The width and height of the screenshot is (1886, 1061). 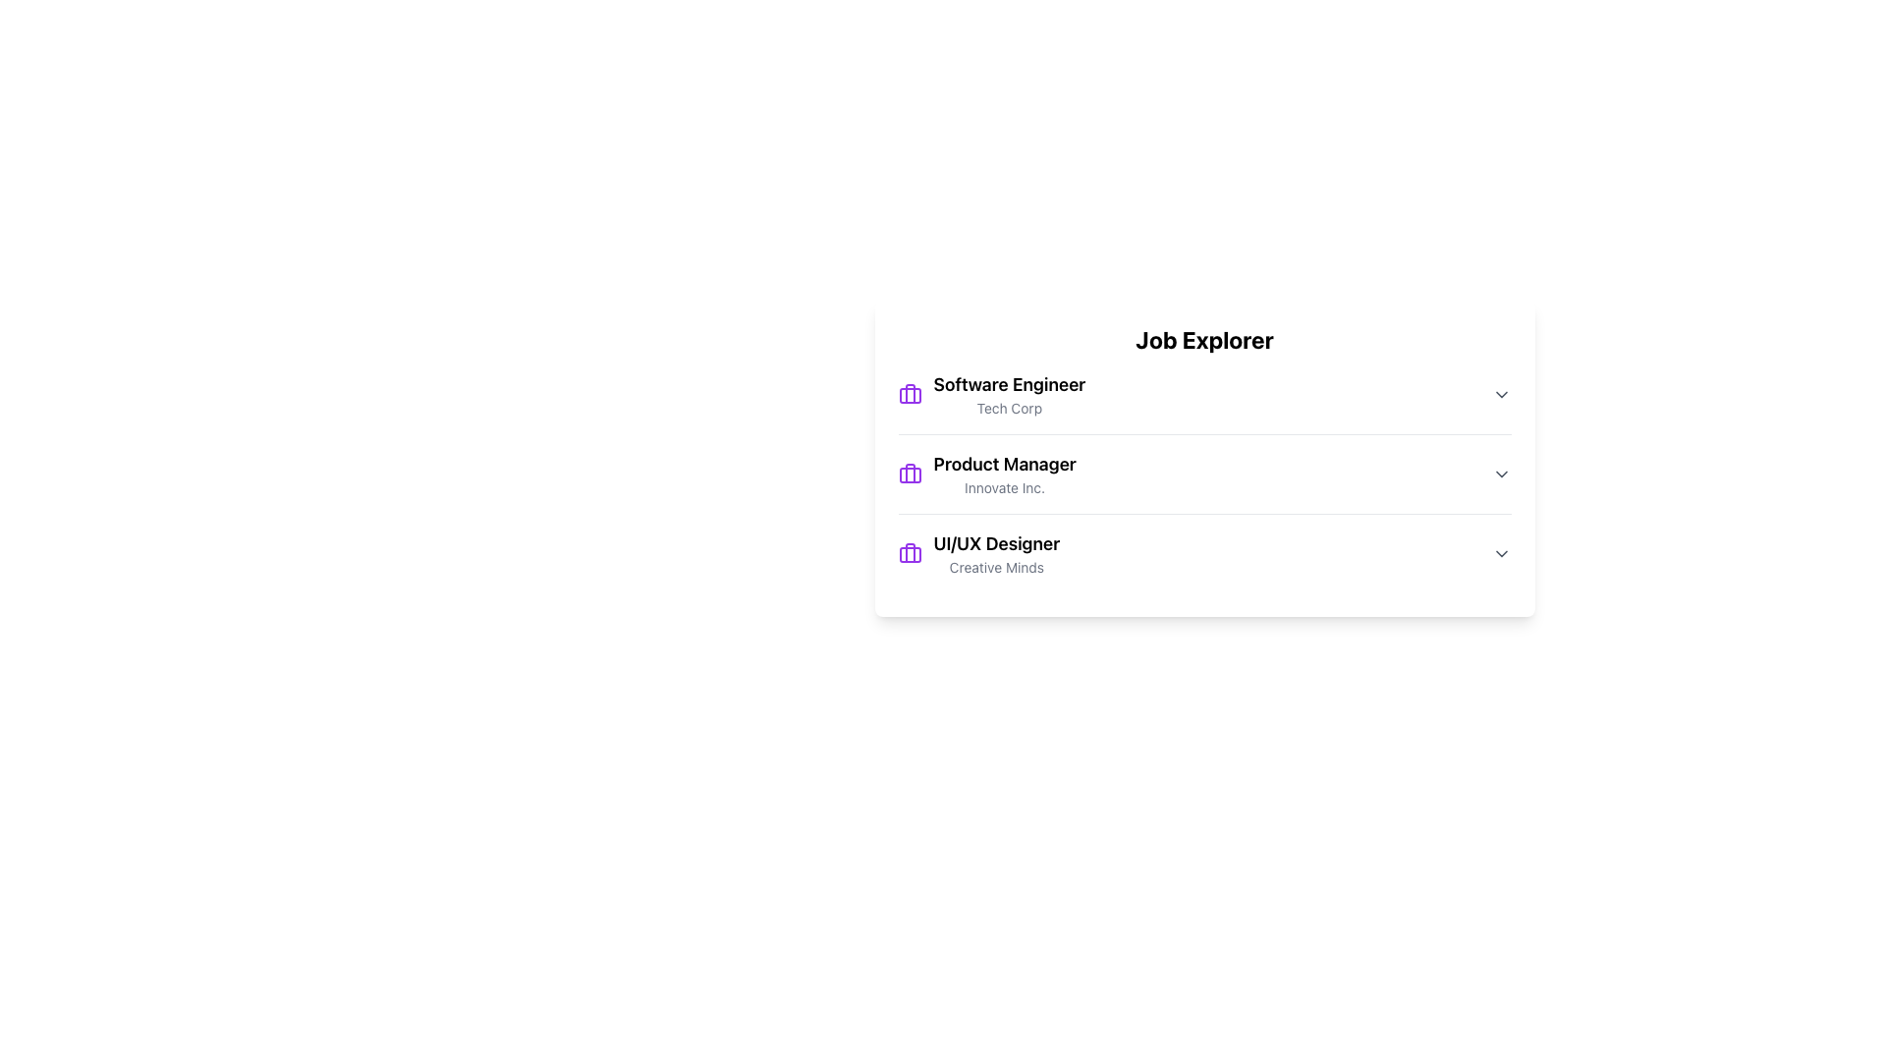 I want to click on the 'Job Explorer' title text, which is located at the top of a rounded white box that labels the section above a list of job entries, so click(x=1203, y=339).